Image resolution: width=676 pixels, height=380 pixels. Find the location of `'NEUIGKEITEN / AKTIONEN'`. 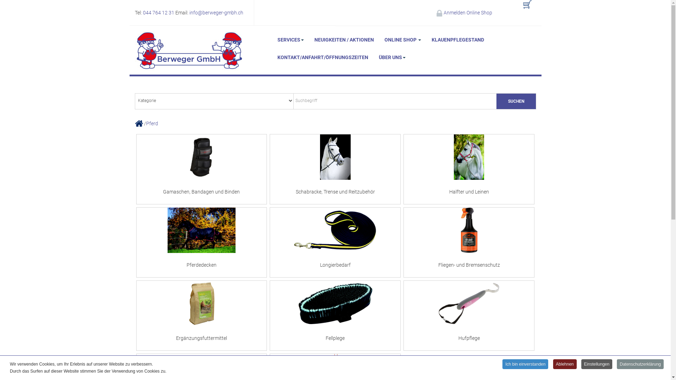

'NEUIGKEITEN / AKTIONEN' is located at coordinates (344, 39).